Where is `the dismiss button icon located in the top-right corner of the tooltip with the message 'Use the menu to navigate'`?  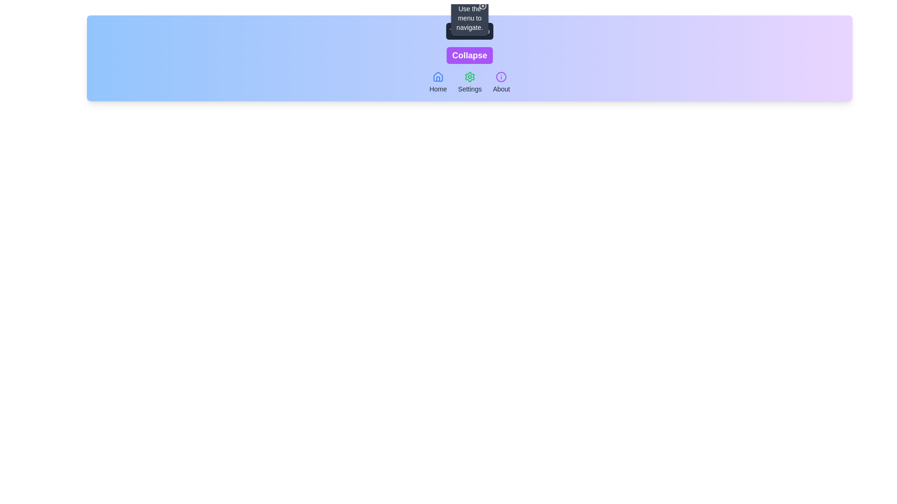
the dismiss button icon located in the top-right corner of the tooltip with the message 'Use the menu to navigate' is located at coordinates (483, 6).